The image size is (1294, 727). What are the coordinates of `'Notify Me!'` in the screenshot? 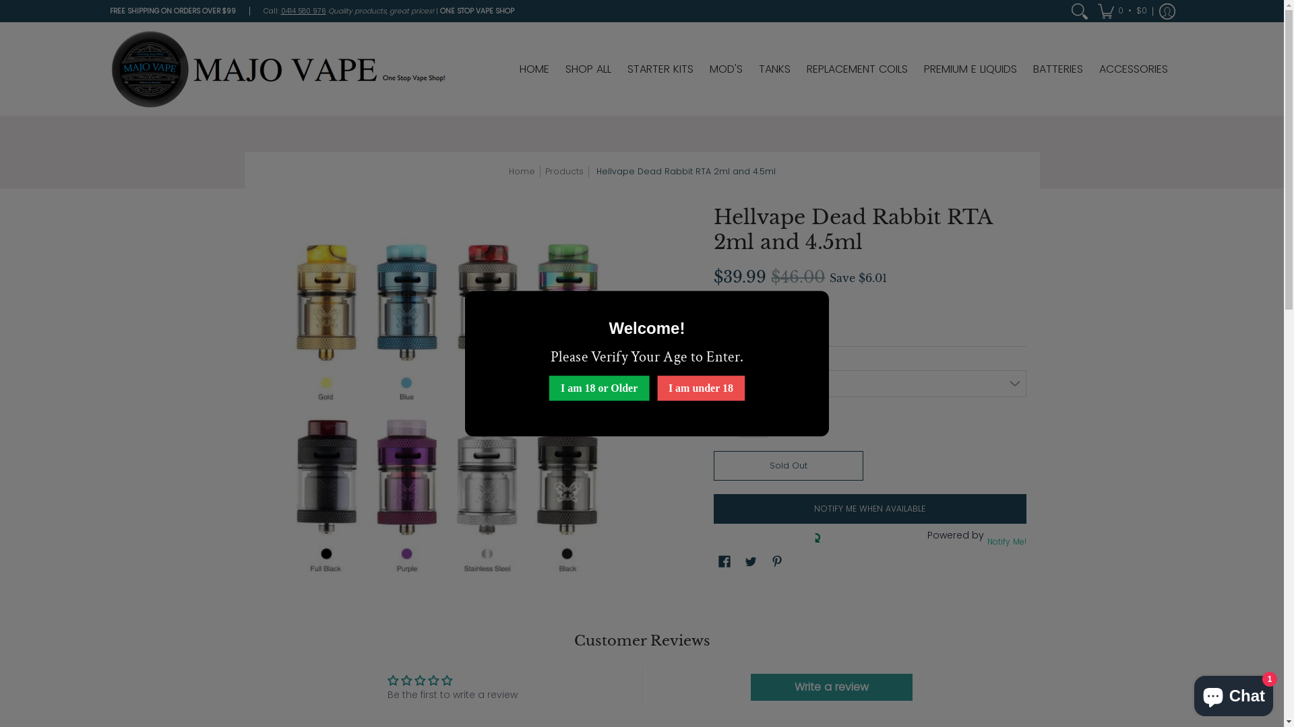 It's located at (1005, 541).